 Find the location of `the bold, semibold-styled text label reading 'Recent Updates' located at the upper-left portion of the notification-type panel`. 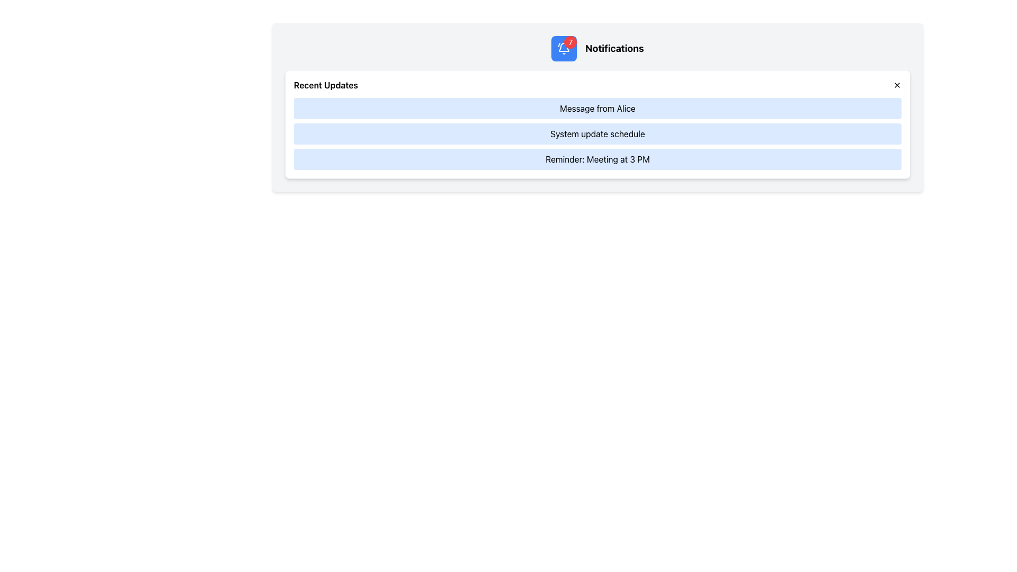

the bold, semibold-styled text label reading 'Recent Updates' located at the upper-left portion of the notification-type panel is located at coordinates (325, 85).